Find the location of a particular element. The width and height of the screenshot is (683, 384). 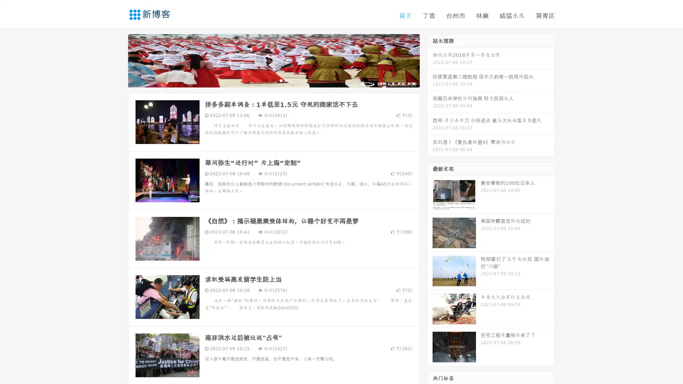

Next slide is located at coordinates (430, 60).